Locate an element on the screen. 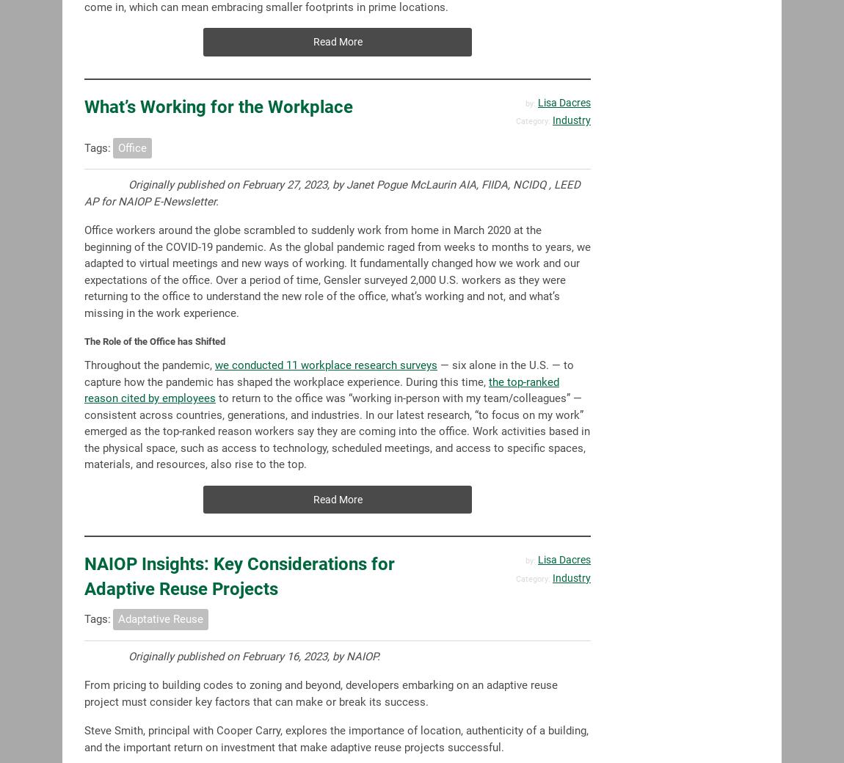 Image resolution: width=844 pixels, height=763 pixels. 'to return to the office was “working in-person with my team/colleagues” — consistent across countries, generations, and industries. In our latest research, “to focus on my work” emerged as the top-ranked reason workers say they are coming into the office. Work activities based in the physical space, such as access to technology, scheduled meetings, and access to specific spaces, materials, and resources, also rise to the top.' is located at coordinates (337, 431).